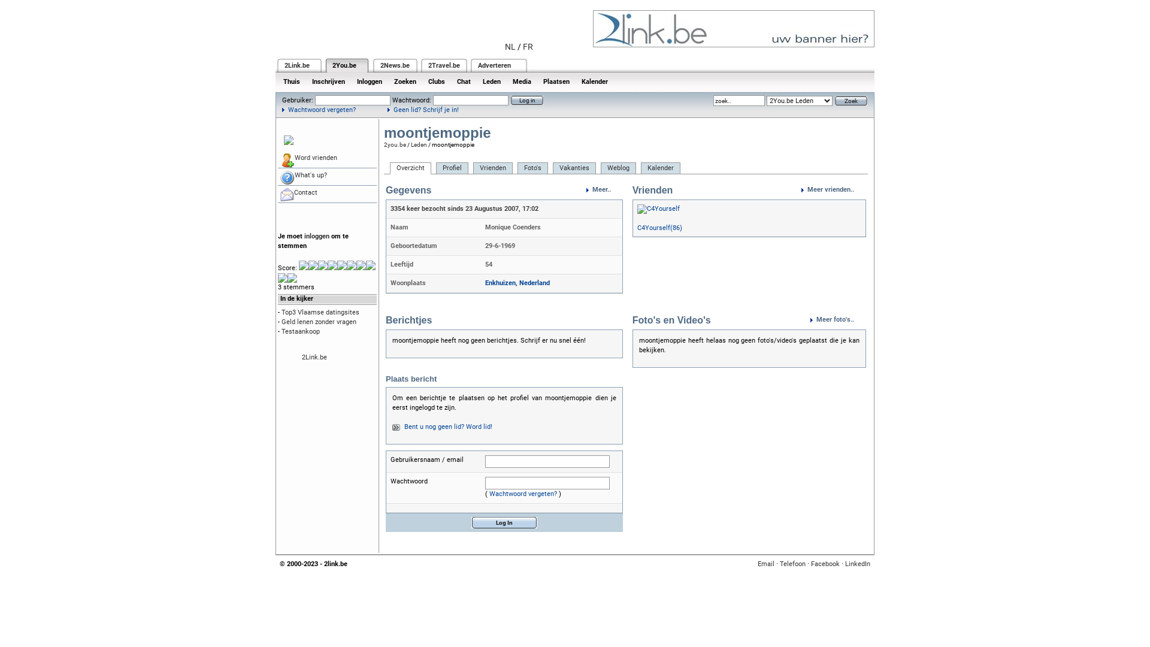 The height and width of the screenshot is (647, 1150). What do you see at coordinates (319, 321) in the screenshot?
I see `'Geld lenen zonder vragen'` at bounding box center [319, 321].